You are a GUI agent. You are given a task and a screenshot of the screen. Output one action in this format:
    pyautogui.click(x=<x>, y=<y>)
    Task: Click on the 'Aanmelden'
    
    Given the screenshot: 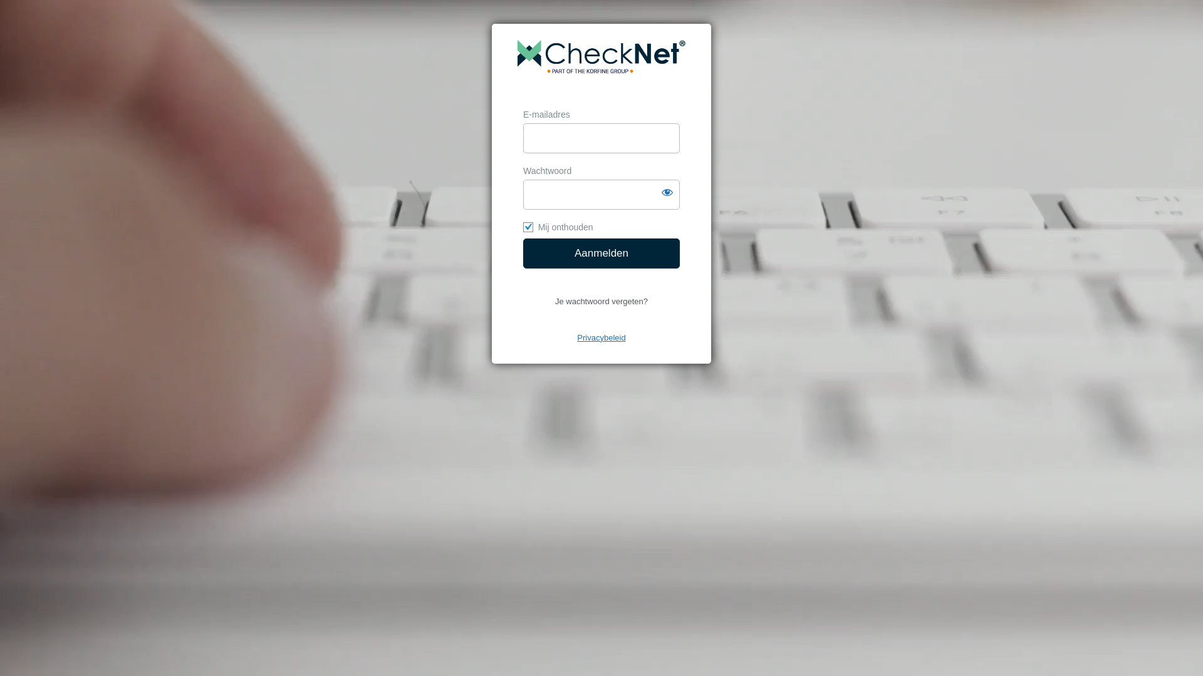 What is the action you would take?
    pyautogui.click(x=601, y=253)
    